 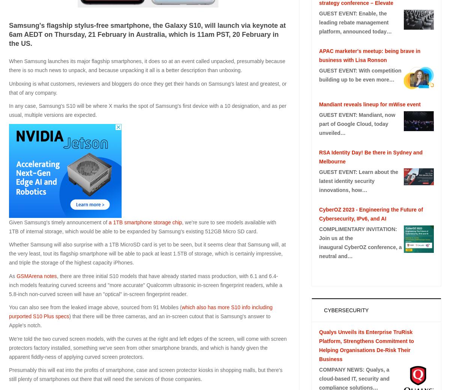 What do you see at coordinates (142, 226) in the screenshot?
I see `', we're sure to see models available with 1TB of internal storage, which would be able to be expanded by Samsung's existing 512GB Micro SD card.'` at bounding box center [142, 226].